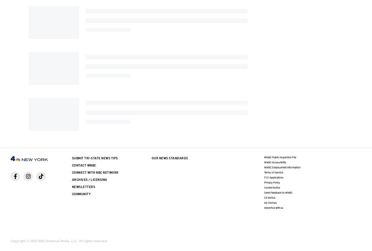 The height and width of the screenshot is (251, 372). I want to click on 'WNBC Accessibility', so click(275, 161).